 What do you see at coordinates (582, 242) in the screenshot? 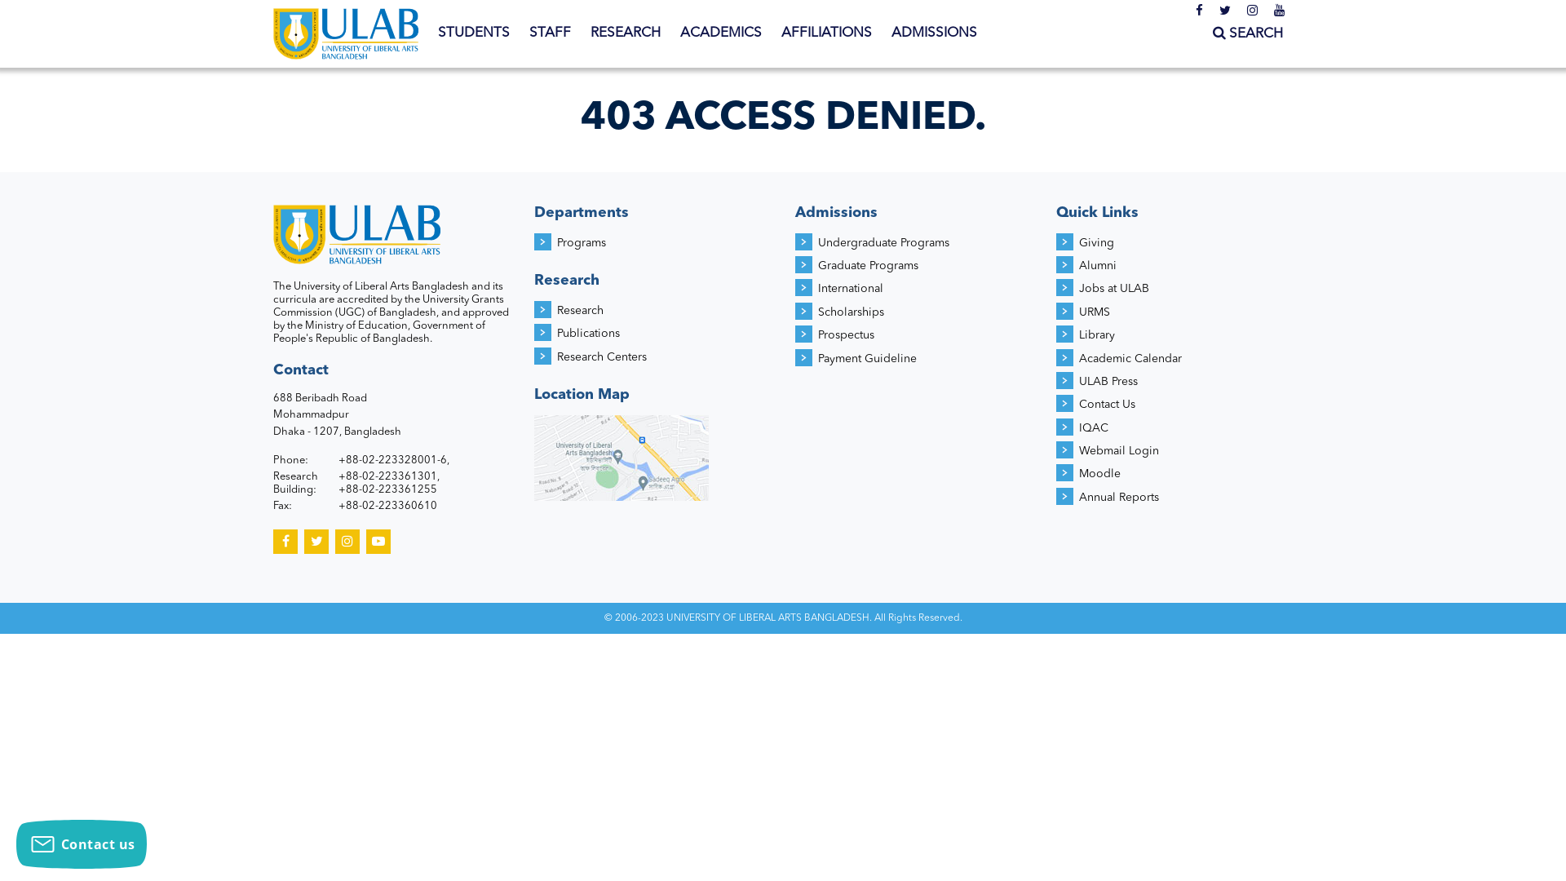
I see `'Programs'` at bounding box center [582, 242].